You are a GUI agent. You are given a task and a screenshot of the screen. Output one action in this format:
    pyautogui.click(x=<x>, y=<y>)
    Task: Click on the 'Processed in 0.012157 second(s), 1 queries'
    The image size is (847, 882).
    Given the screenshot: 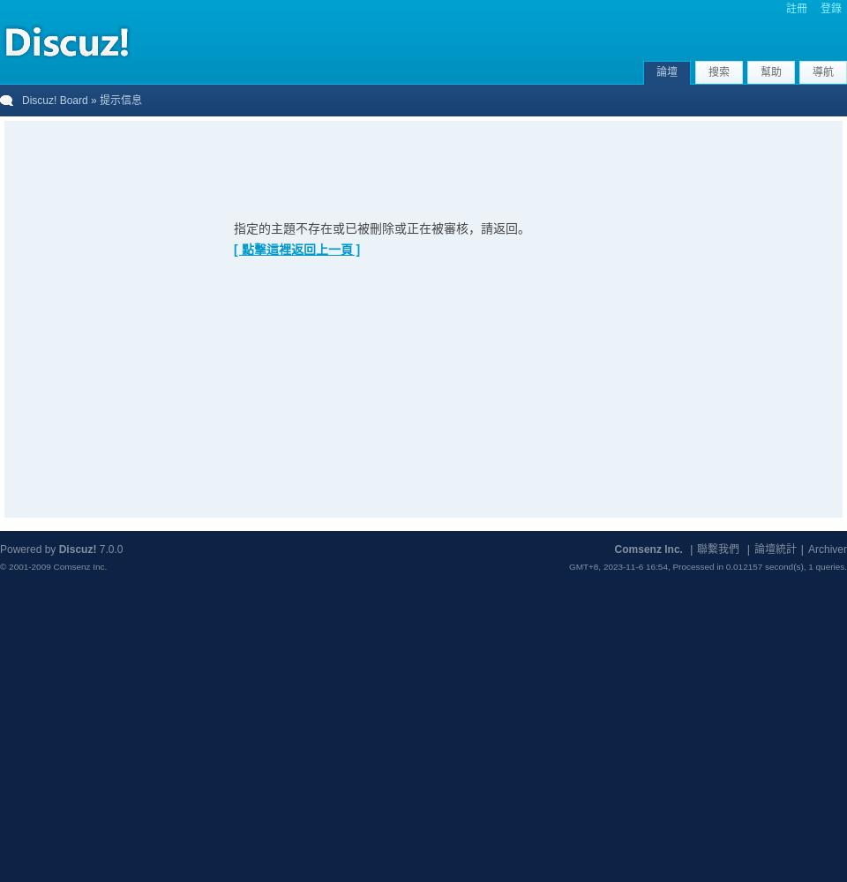 What is the action you would take?
    pyautogui.click(x=757, y=566)
    